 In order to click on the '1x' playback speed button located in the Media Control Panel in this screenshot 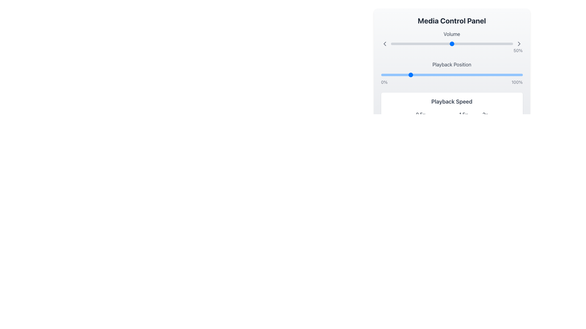, I will do `click(442, 114)`.